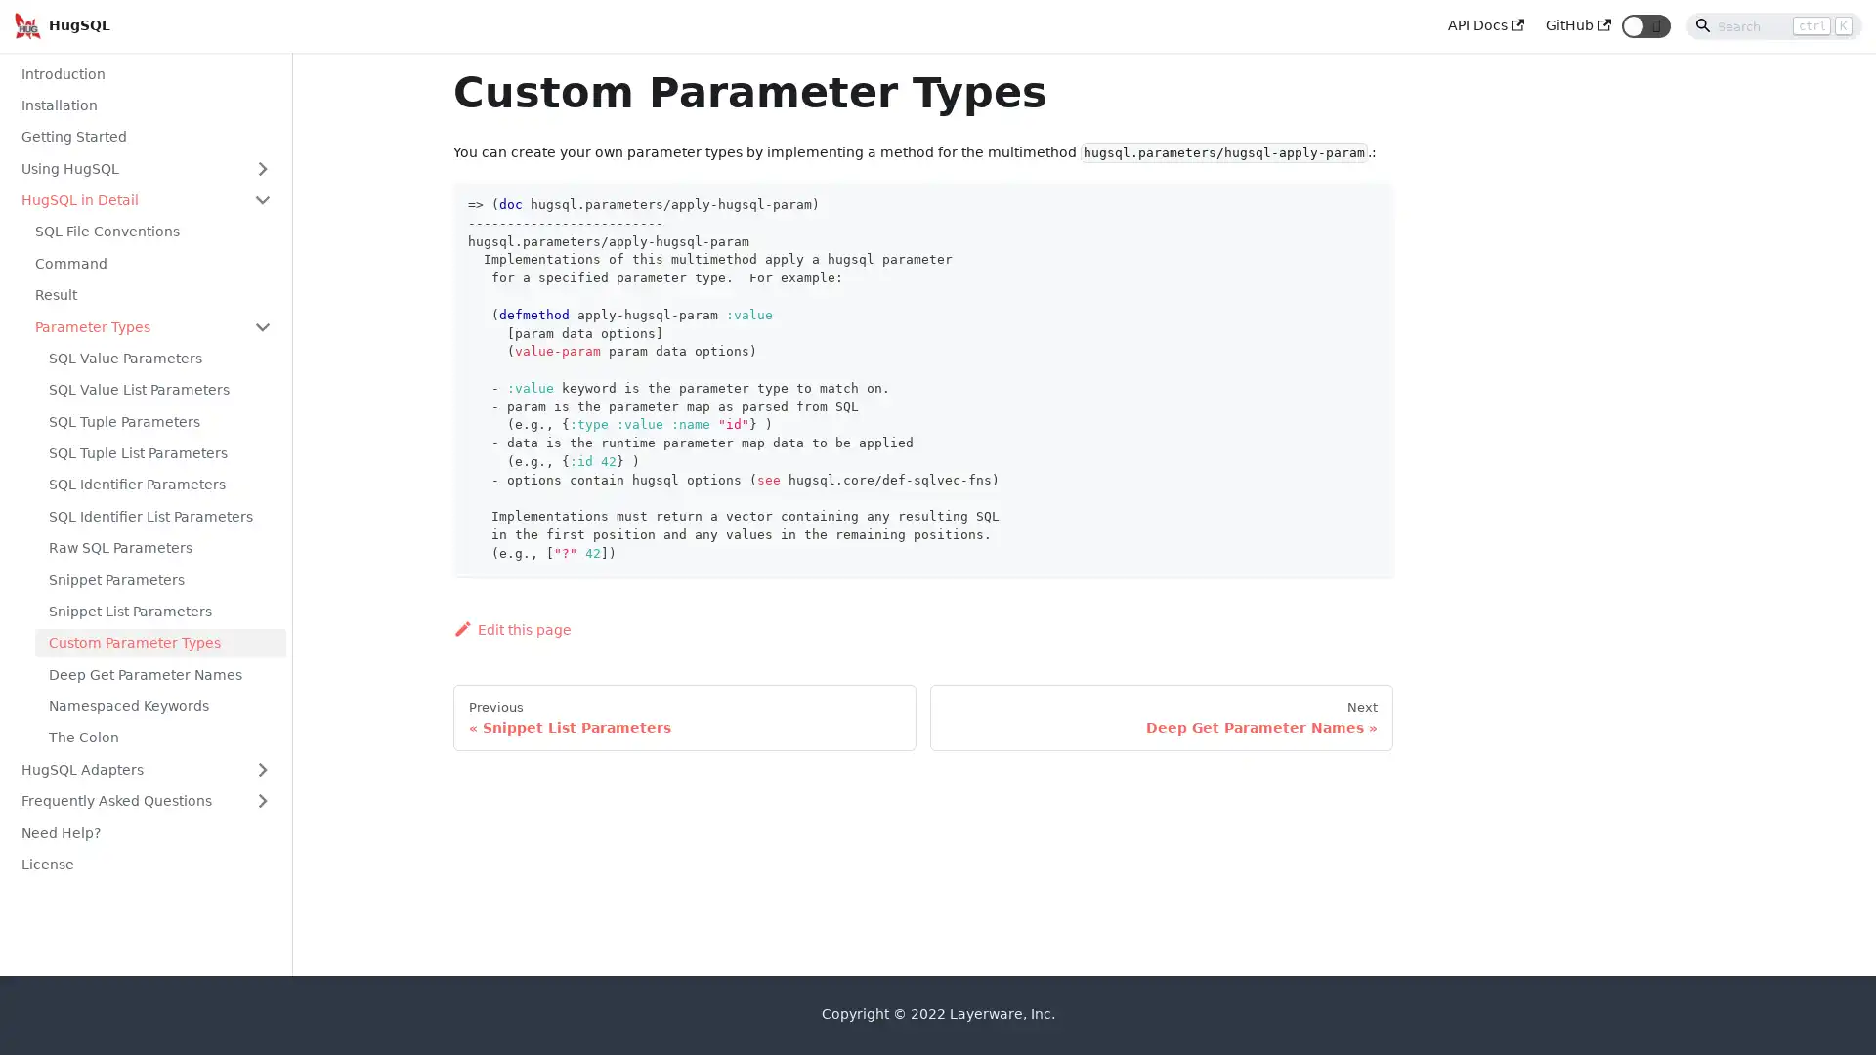 The width and height of the screenshot is (1876, 1055). Describe the element at coordinates (261, 325) in the screenshot. I see `Toggle the collapsible sidebar category 'Parameter Types'` at that location.